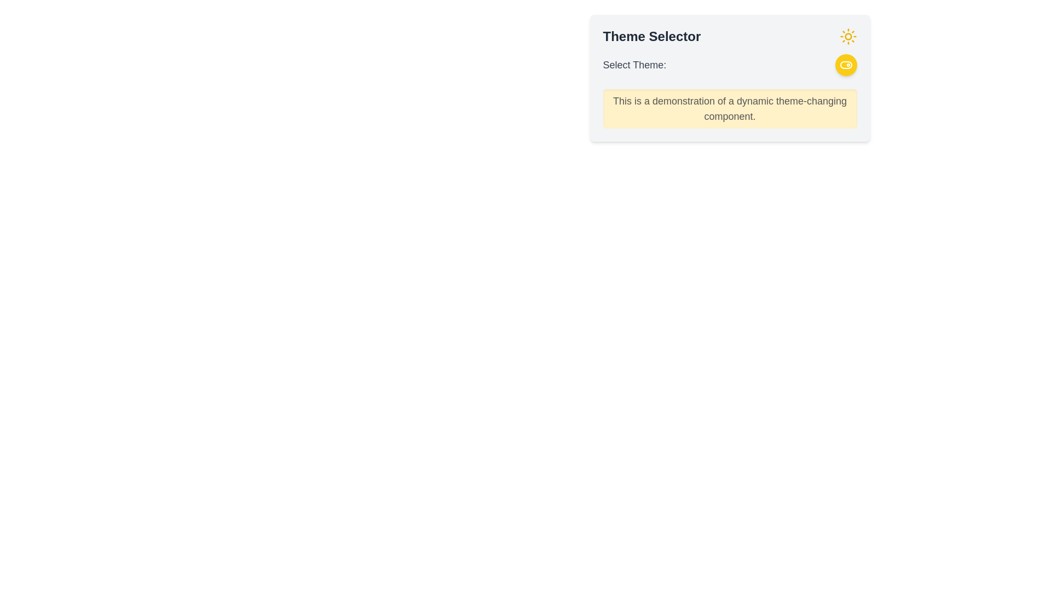 This screenshot has width=1051, height=591. What do you see at coordinates (730, 109) in the screenshot?
I see `displayed text from the rectangular text box with rounded corners, light yellow background, and dark gray text located in the 'Theme Selector' panel` at bounding box center [730, 109].